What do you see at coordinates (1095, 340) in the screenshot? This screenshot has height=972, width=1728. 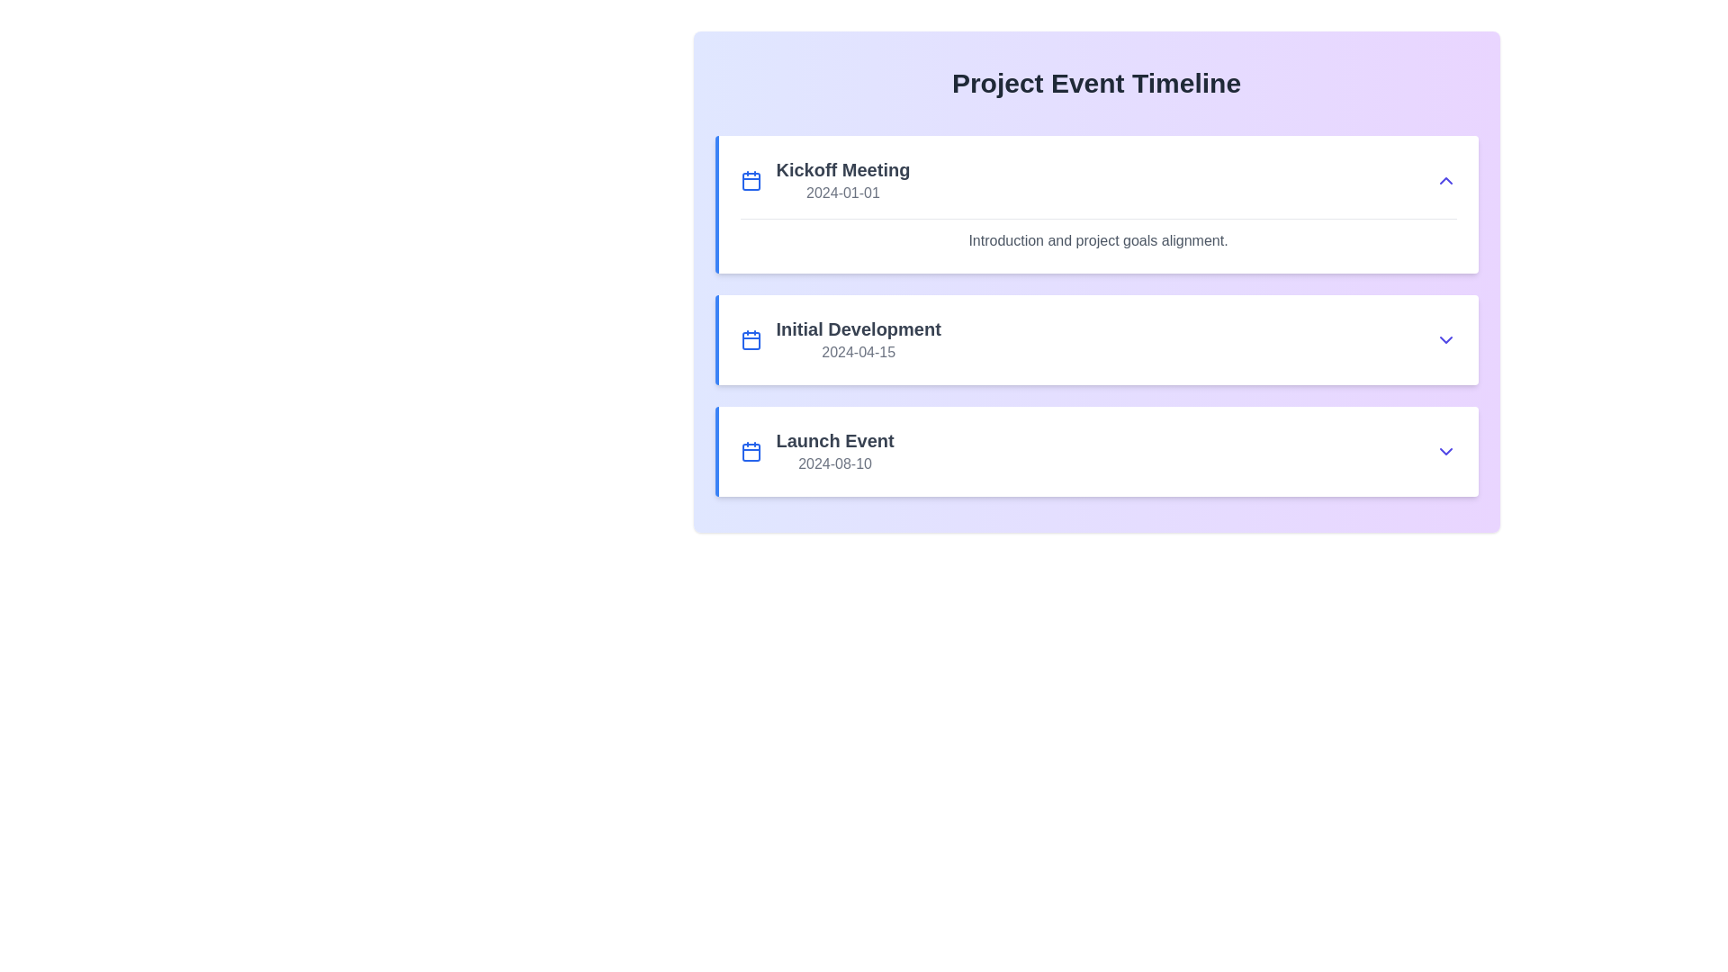 I see `the 'Initial Development' Event block` at bounding box center [1095, 340].